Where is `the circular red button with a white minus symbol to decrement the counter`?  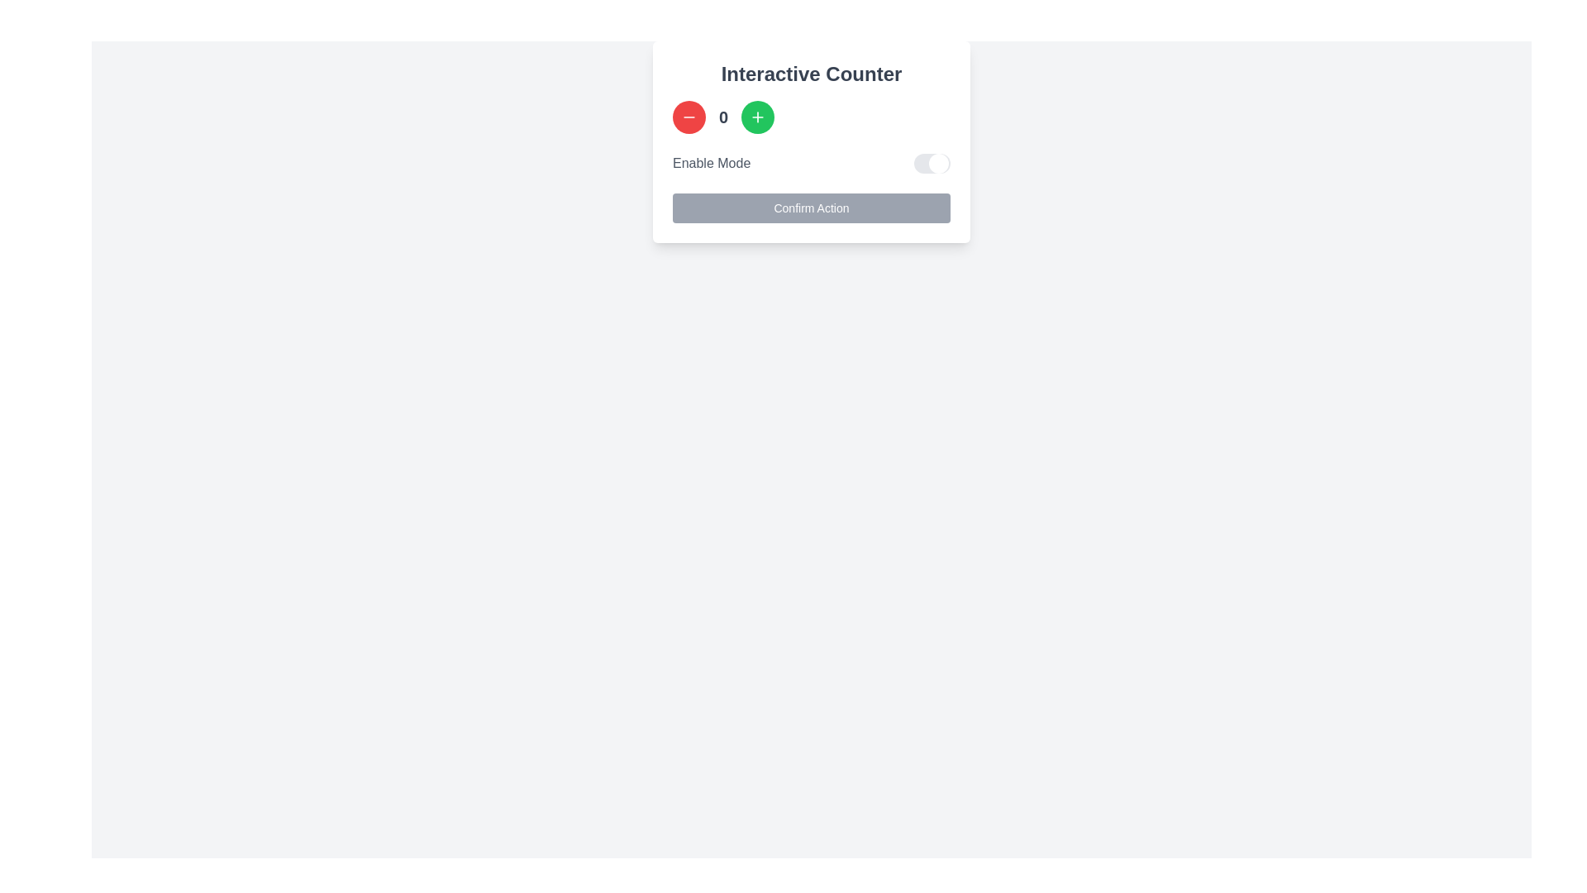
the circular red button with a white minus symbol to decrement the counter is located at coordinates (689, 117).